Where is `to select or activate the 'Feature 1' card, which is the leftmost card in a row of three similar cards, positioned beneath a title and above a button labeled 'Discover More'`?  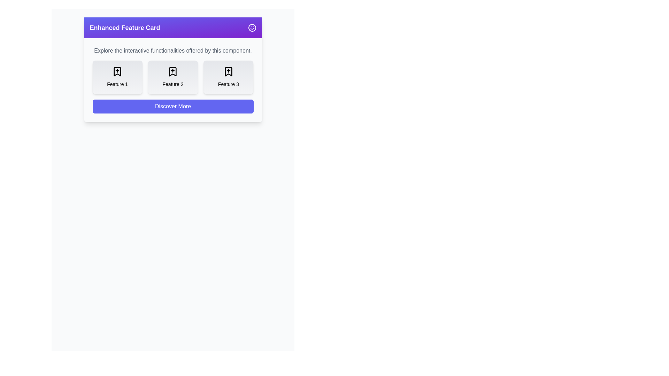
to select or activate the 'Feature 1' card, which is the leftmost card in a row of three similar cards, positioned beneath a title and above a button labeled 'Discover More' is located at coordinates (117, 77).